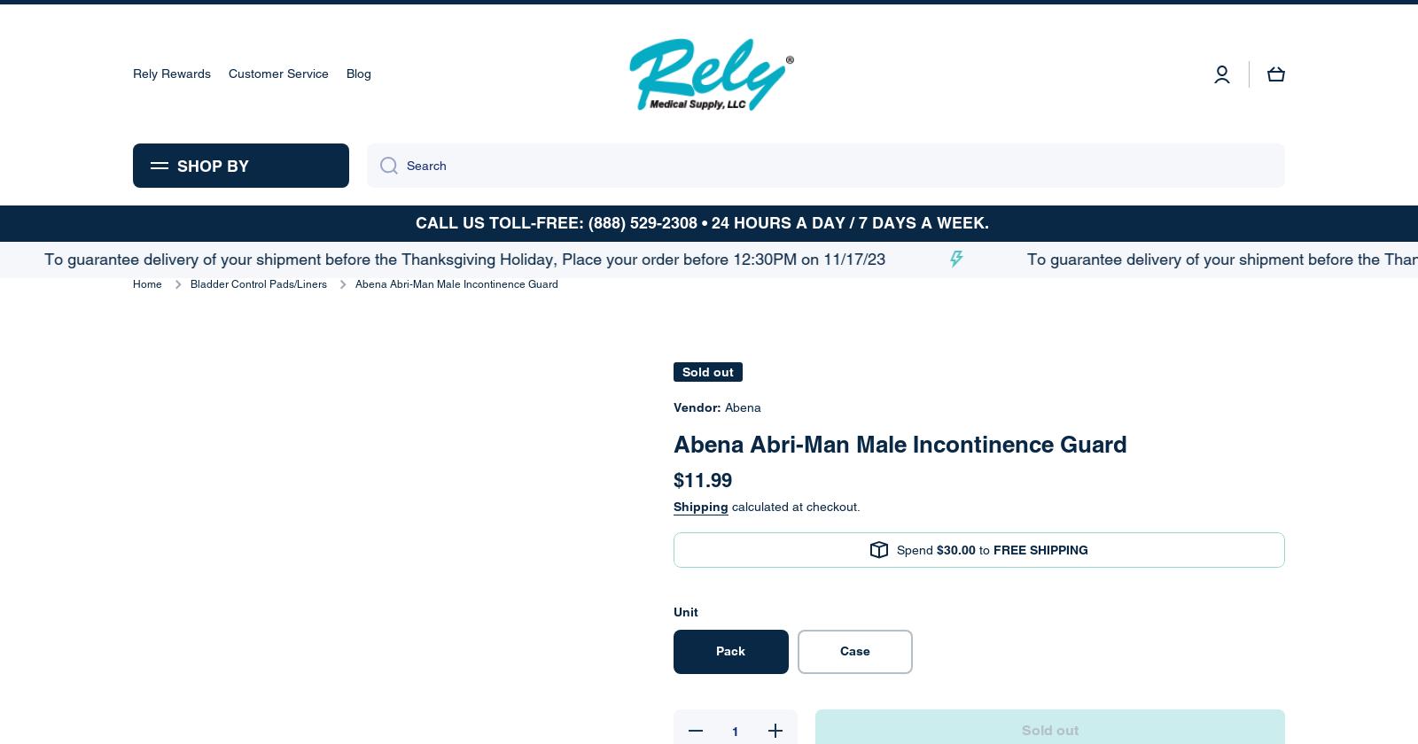 The height and width of the screenshot is (744, 1418). What do you see at coordinates (291, 26) in the screenshot?
I see `'Abena Abri-Man Male Incontinence Guard'` at bounding box center [291, 26].